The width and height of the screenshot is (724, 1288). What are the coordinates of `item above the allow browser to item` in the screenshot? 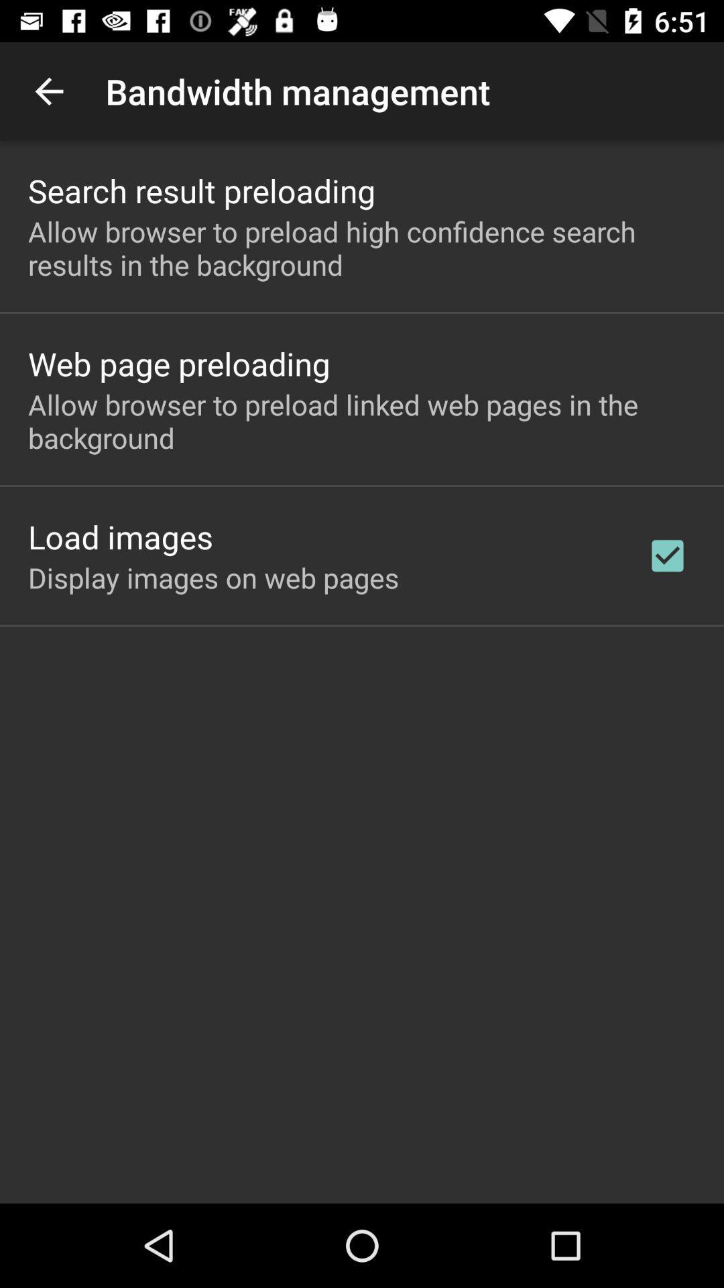 It's located at (202, 190).